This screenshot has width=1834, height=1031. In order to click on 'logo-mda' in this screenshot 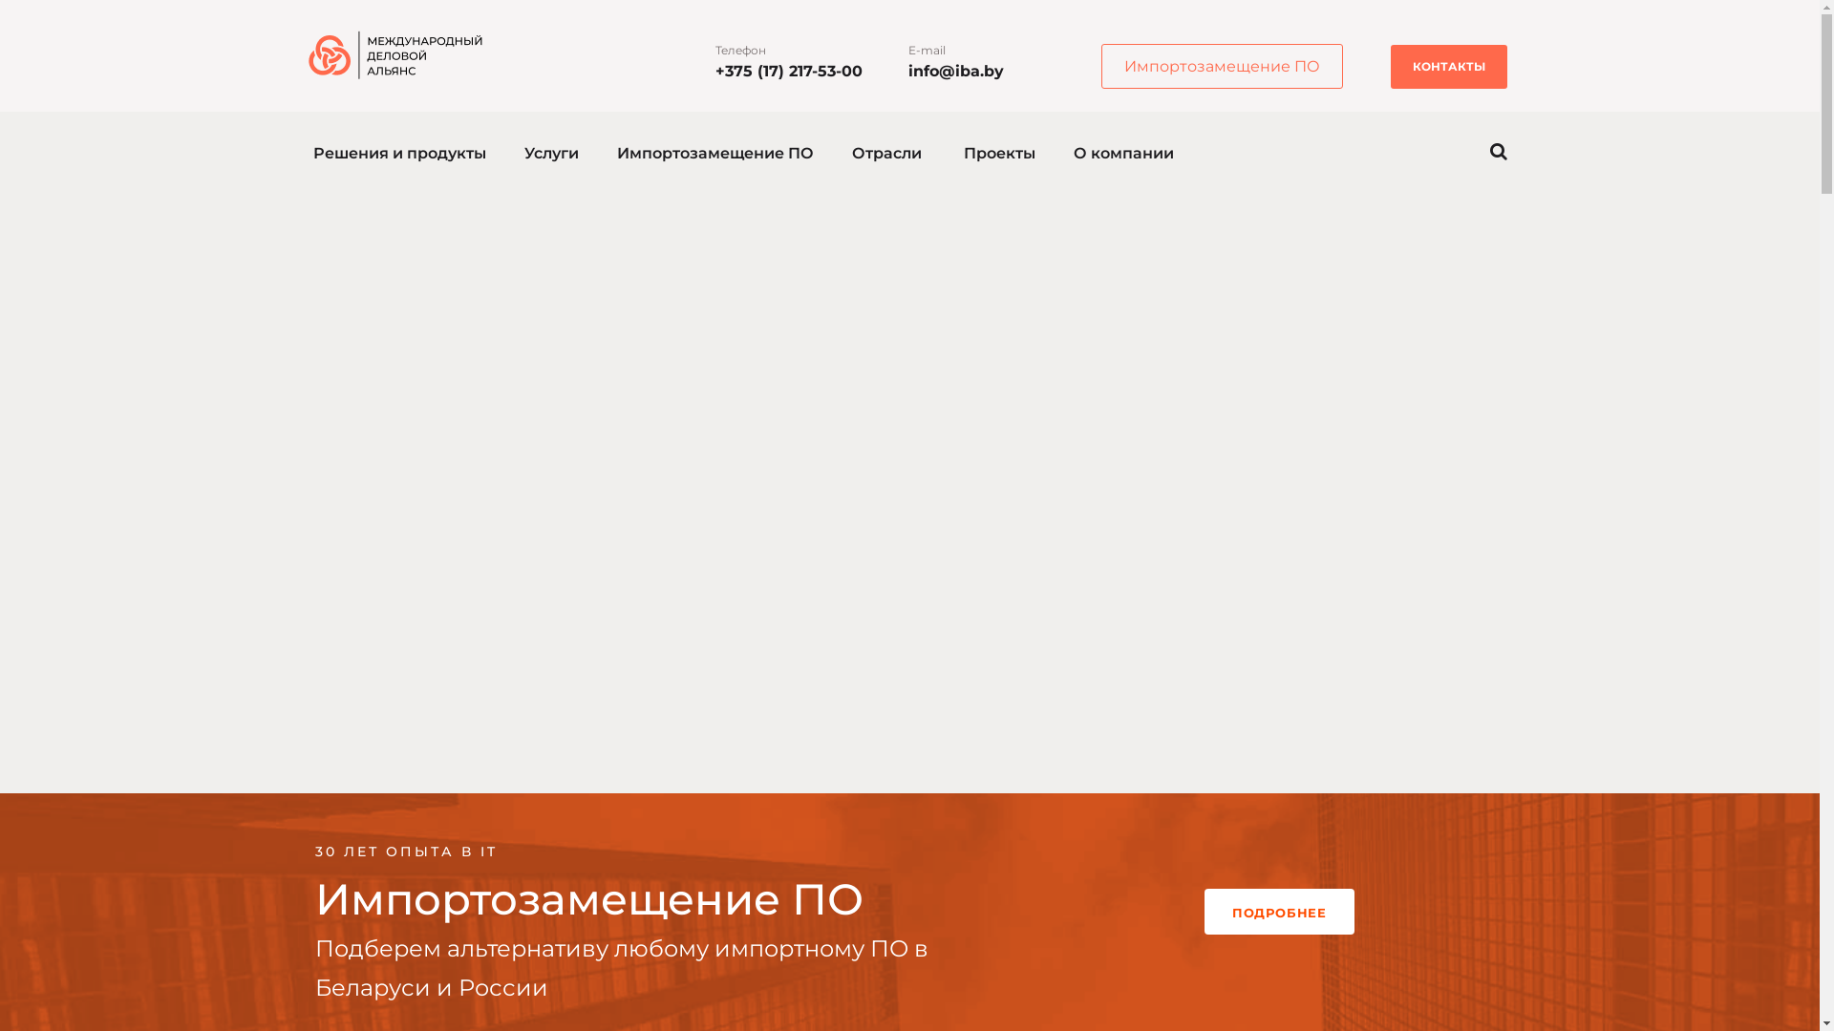, I will do `click(307, 54)`.